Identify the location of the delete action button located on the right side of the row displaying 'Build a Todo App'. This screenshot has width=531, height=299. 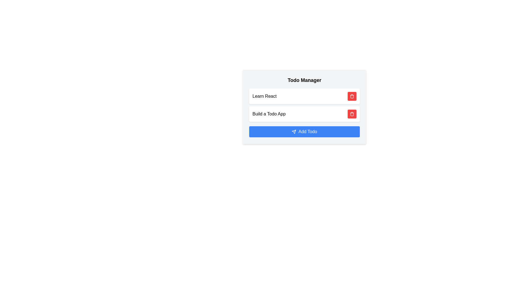
(352, 114).